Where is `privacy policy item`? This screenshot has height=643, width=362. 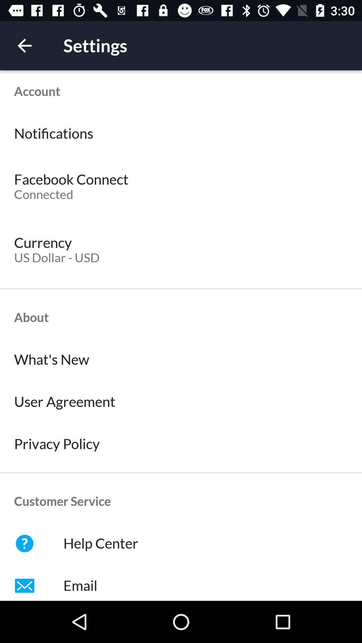 privacy policy item is located at coordinates (181, 444).